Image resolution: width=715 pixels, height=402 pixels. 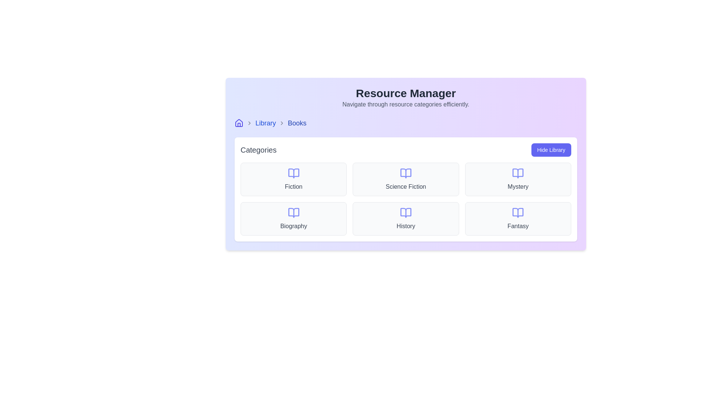 What do you see at coordinates (518, 213) in the screenshot?
I see `the open book icon in a minimalist outline style, which is light indigo and centrally aligned within the 'Fantasy' category block above the label text 'Fantasy.'` at bounding box center [518, 213].